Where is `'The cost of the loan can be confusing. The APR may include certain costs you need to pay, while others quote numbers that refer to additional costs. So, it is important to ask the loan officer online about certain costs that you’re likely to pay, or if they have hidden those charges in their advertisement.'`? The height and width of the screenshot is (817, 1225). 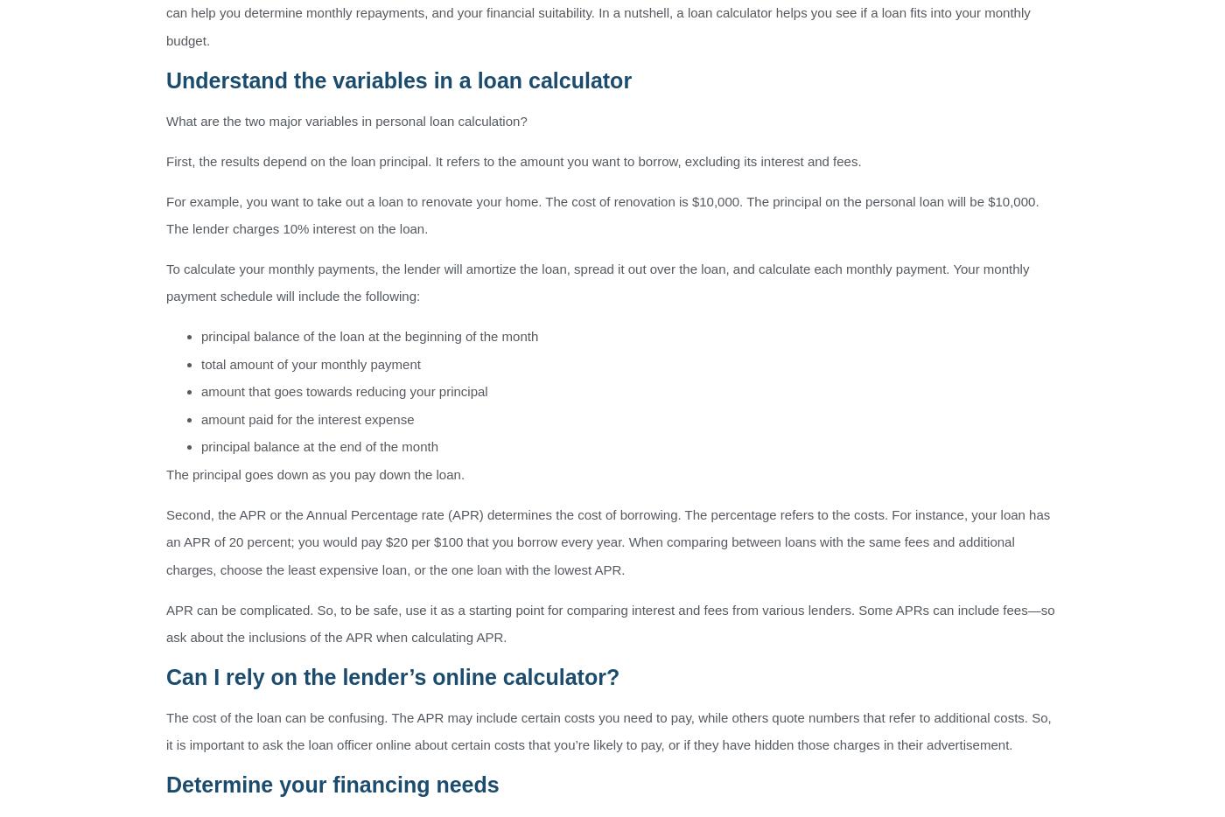
'The cost of the loan can be confusing. The APR may include certain costs you need to pay, while others quote numbers that refer to additional costs. So, it is important to ask the loan officer online about certain costs that you’re likely to pay, or if they have hidden those charges in their advertisement.' is located at coordinates (608, 730).